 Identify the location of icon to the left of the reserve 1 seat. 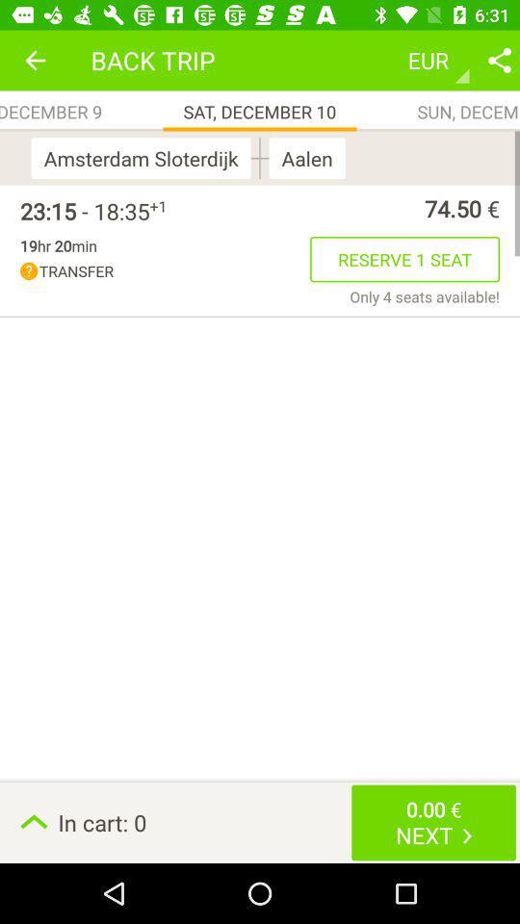
(165, 270).